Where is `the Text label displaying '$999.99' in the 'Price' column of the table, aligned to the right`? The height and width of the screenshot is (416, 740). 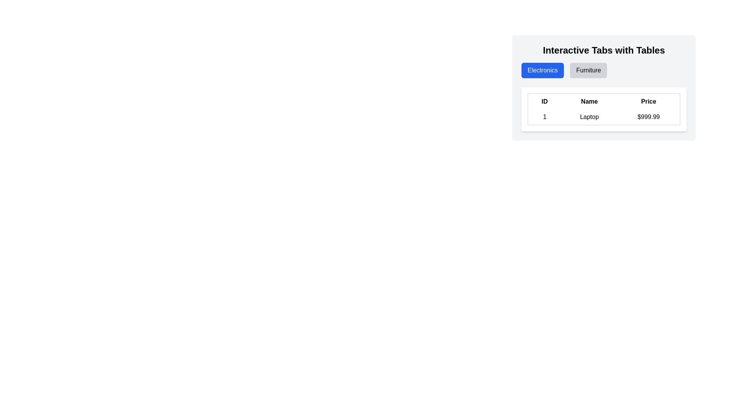
the Text label displaying '$999.99' in the 'Price' column of the table, aligned to the right is located at coordinates (648, 117).